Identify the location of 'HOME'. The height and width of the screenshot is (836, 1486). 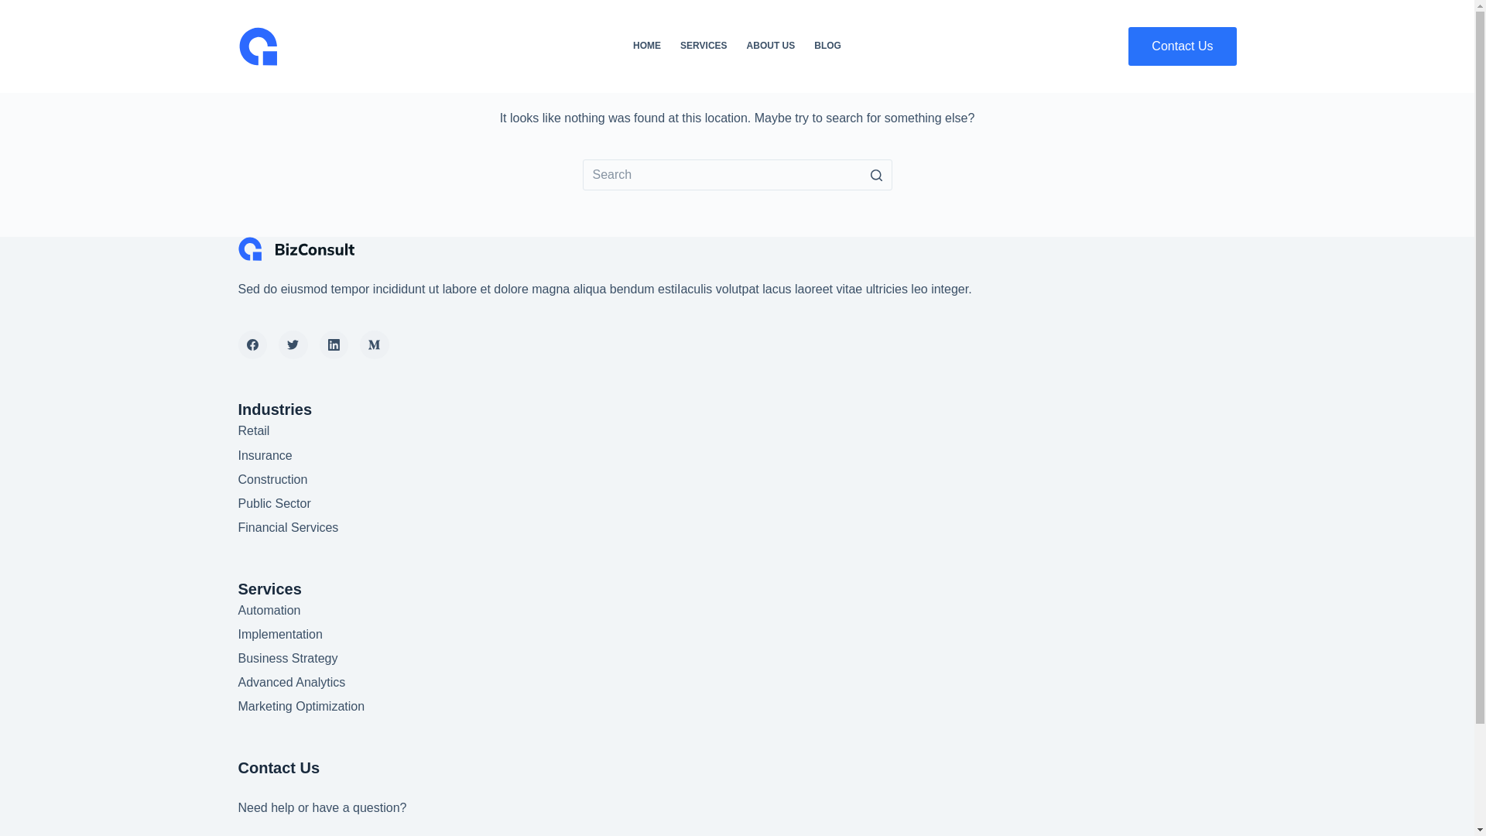
(647, 46).